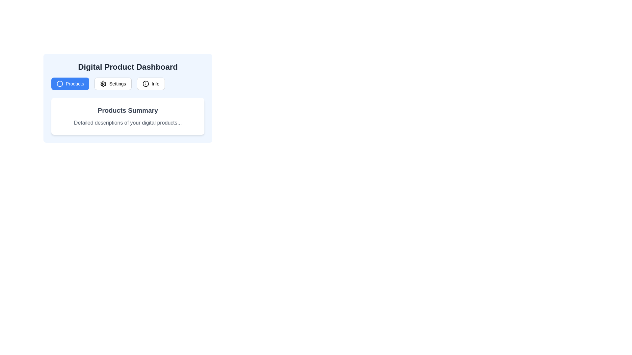  I want to click on the textual header 'Digital Product Dashboard', which is styled with large, bold font and located at the top of its containing card, so click(128, 67).